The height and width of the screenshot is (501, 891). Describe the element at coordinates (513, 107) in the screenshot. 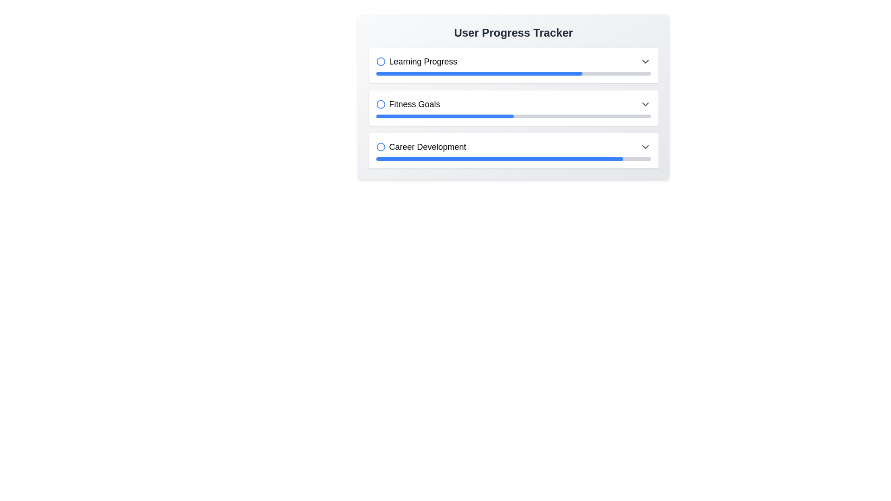

I see `the second Progress tracker entry in the 'User Progress Tracker' section` at that location.